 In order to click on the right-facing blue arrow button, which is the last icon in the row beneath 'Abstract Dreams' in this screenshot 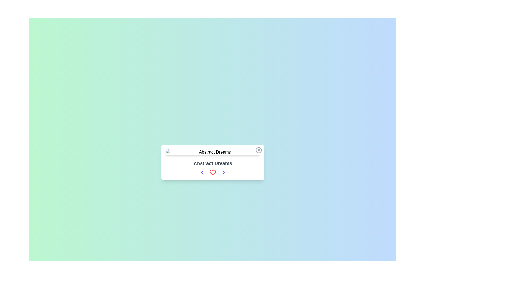, I will do `click(224, 172)`.